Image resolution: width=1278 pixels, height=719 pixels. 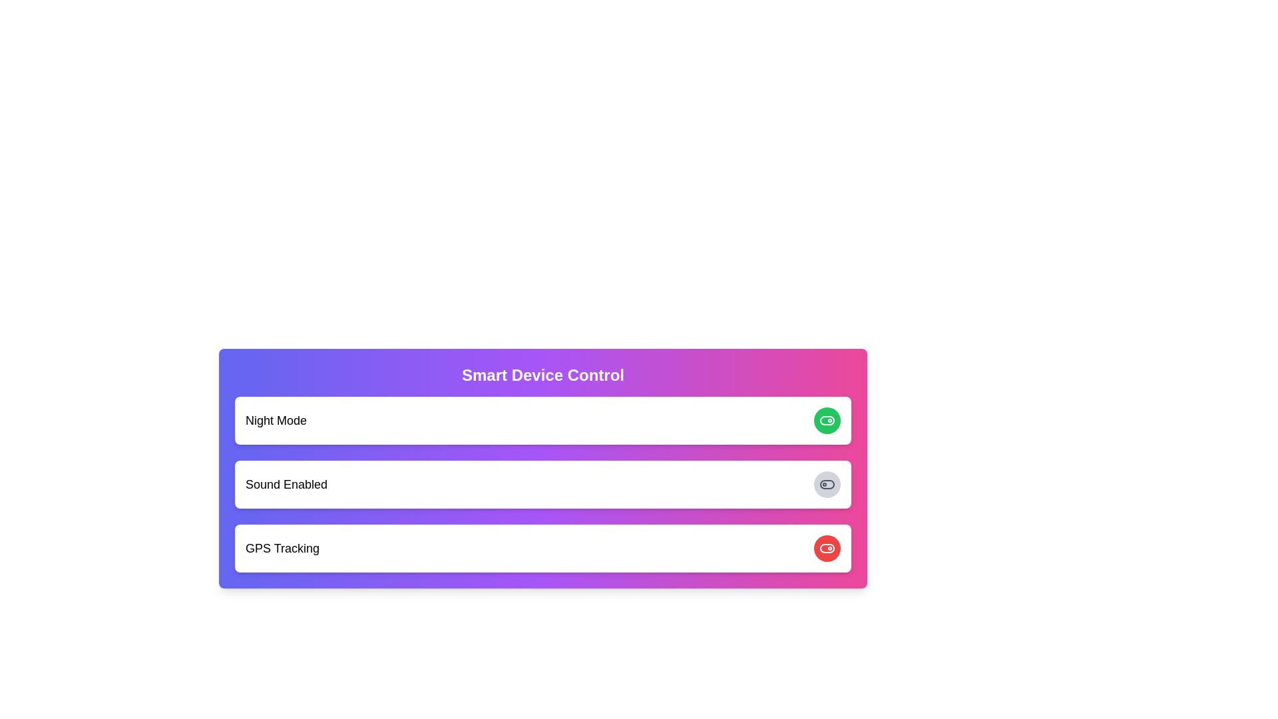 I want to click on the rectangular background element of the toggle switch, which indicates its inactive or neutral state, so click(x=827, y=485).